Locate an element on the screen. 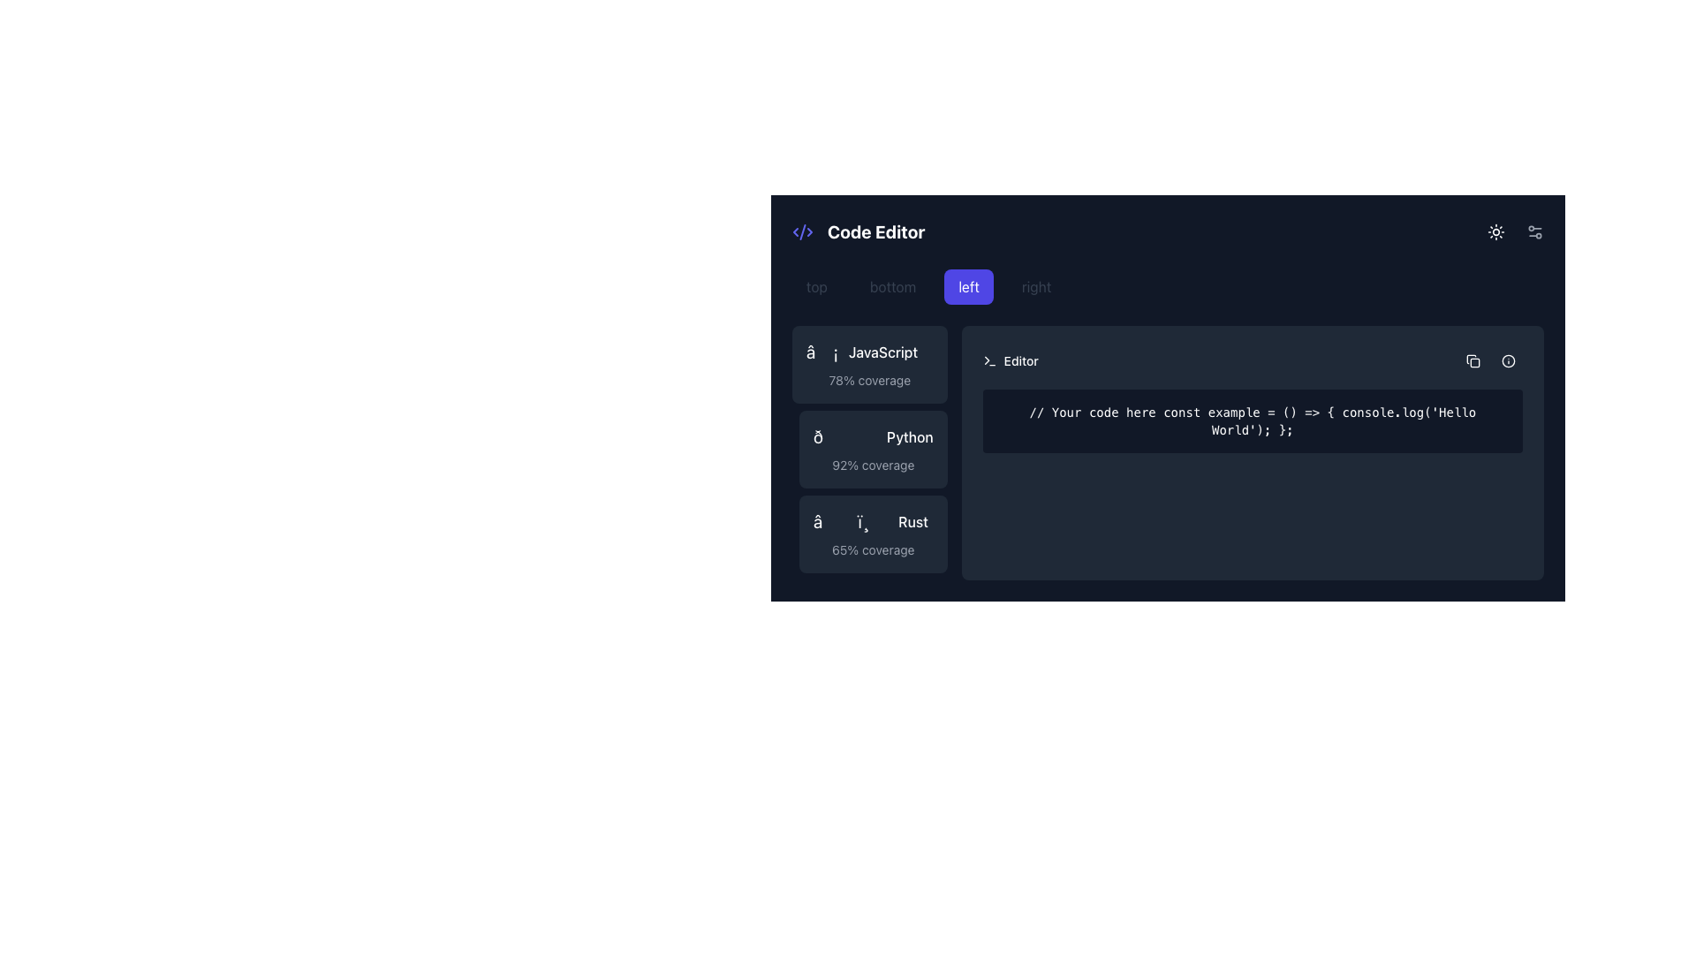  the rectangular shape within the SVG icon that represents the 'copy' action in the top-right of the code editor interface is located at coordinates (1475, 362).